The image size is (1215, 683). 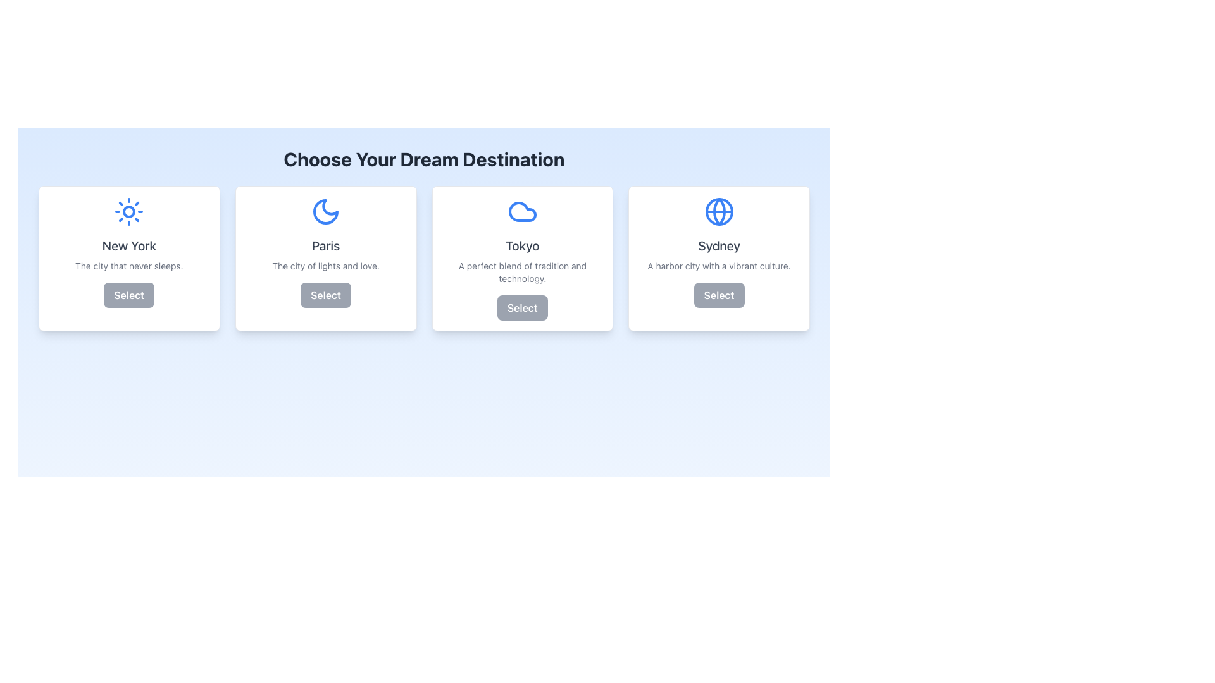 I want to click on the 'Select' button with rounded corners located centrally within the 'New York' card, below the descriptive text 'The city that never sleeps.', so click(x=129, y=295).